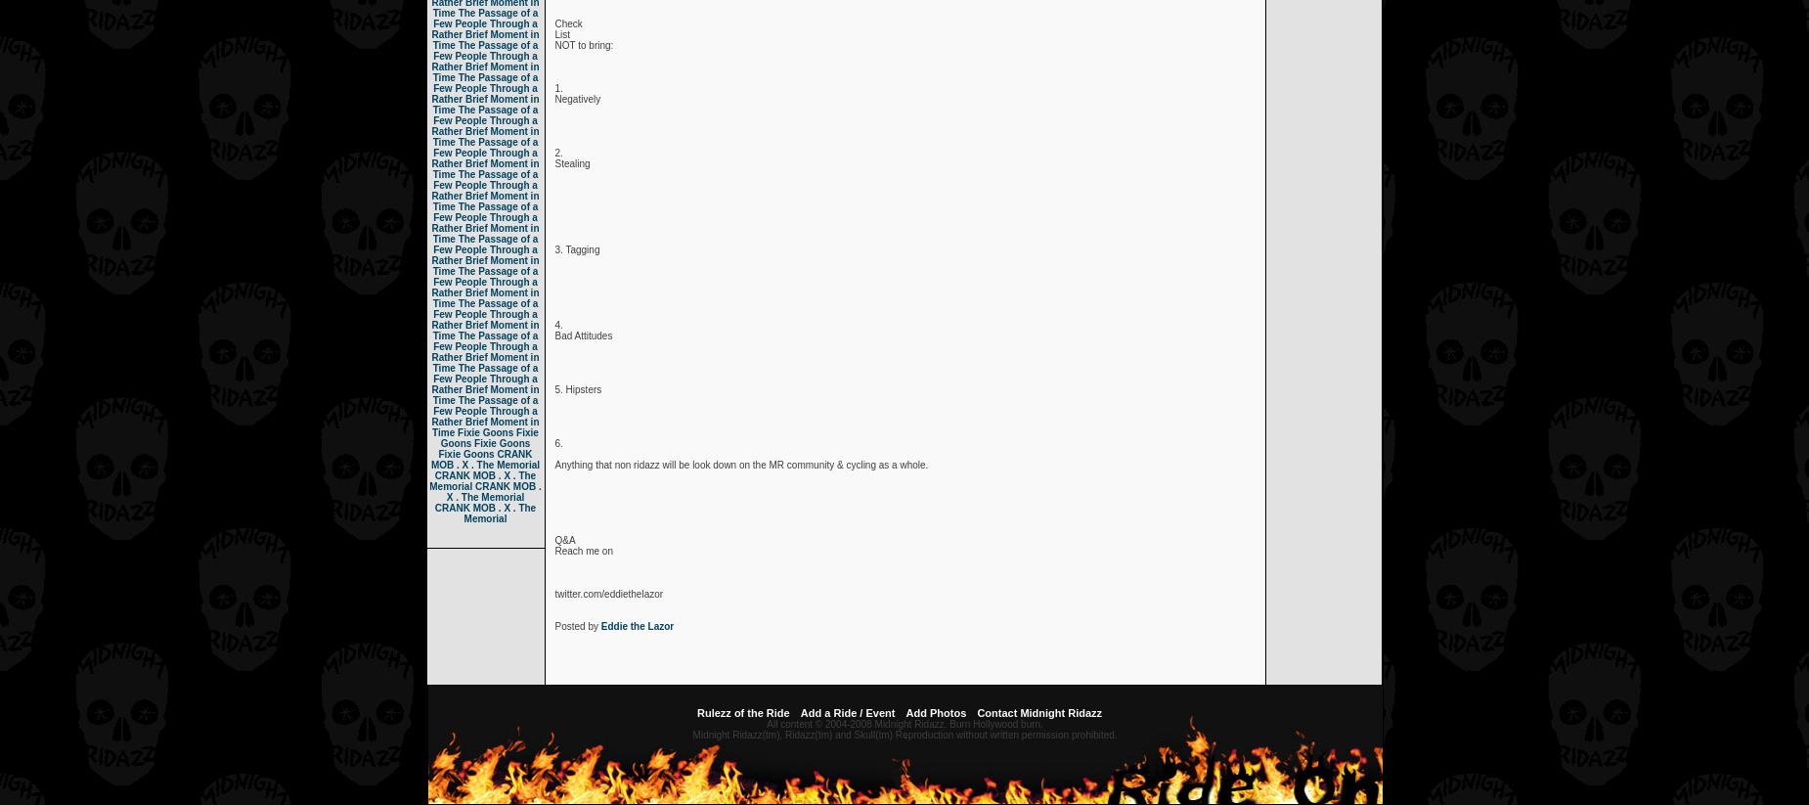 This screenshot has height=805, width=1809. I want to click on 'Negatively', so click(554, 98).